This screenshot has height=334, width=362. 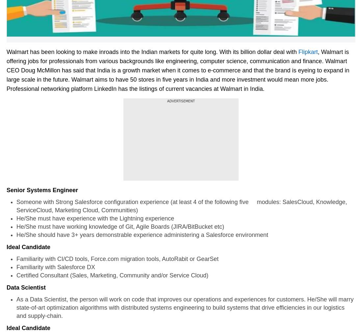 What do you see at coordinates (142, 235) in the screenshot?
I see `'He/She should have 3+ years demonstrable experience administering a Salesforce environment'` at bounding box center [142, 235].